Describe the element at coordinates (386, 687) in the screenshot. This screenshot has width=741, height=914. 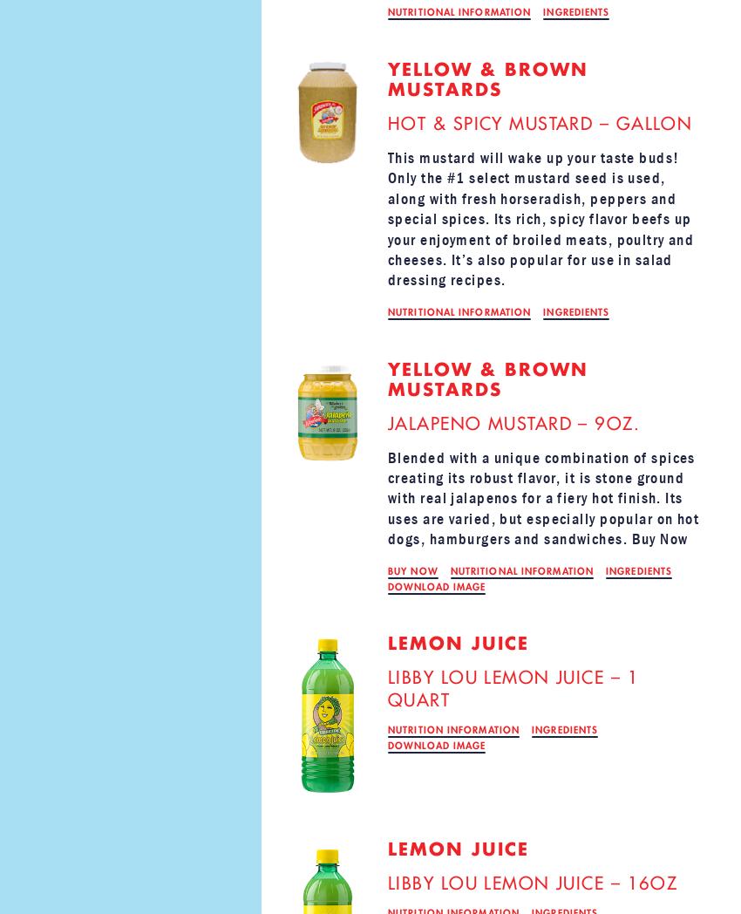
I see `'LIBBY LOU LEMON JUICE – 1 QUART'` at that location.